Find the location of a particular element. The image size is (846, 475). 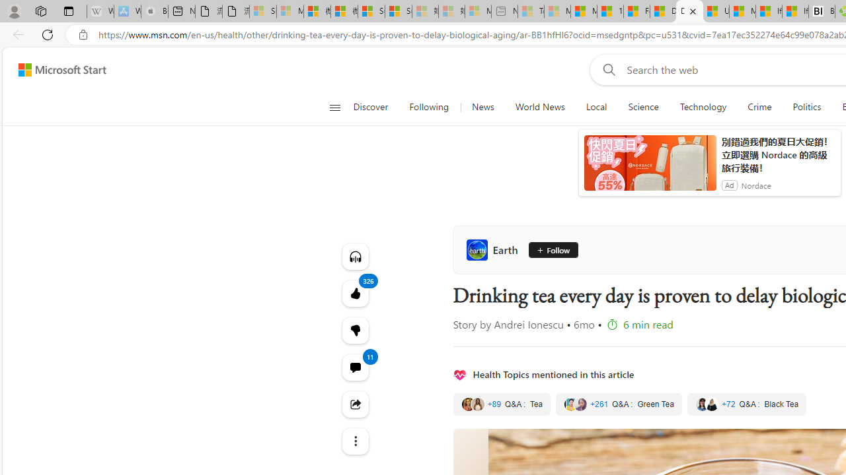

'Green Tea' is located at coordinates (618, 404).